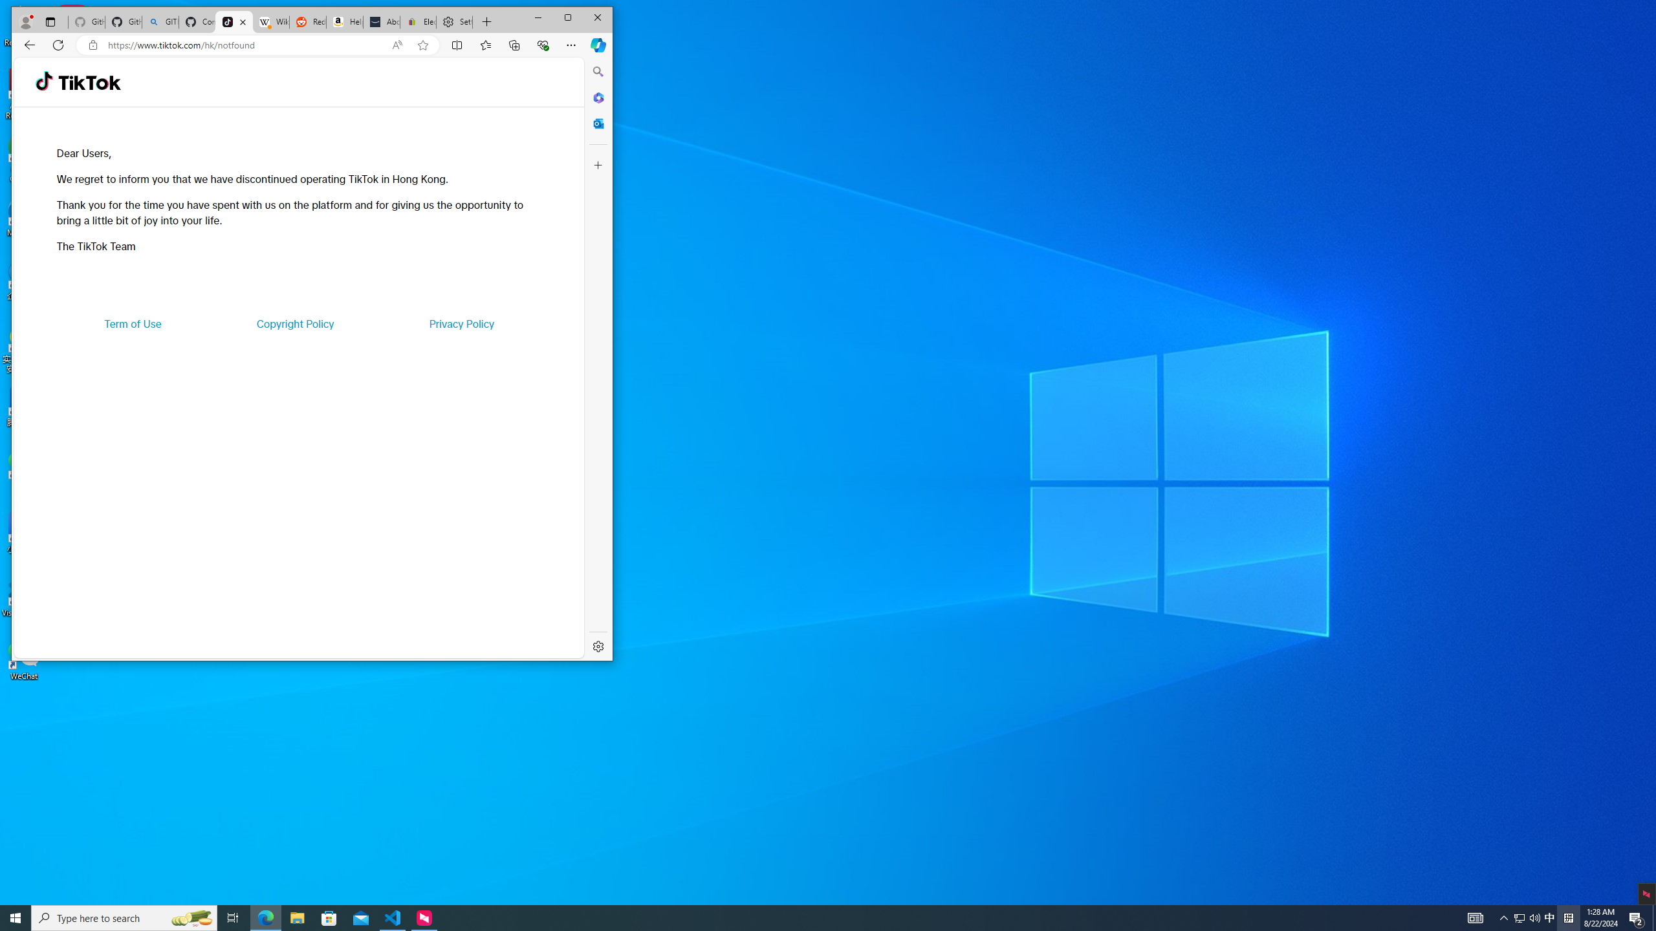 The height and width of the screenshot is (931, 1656). I want to click on 'Privacy Policy', so click(461, 324).